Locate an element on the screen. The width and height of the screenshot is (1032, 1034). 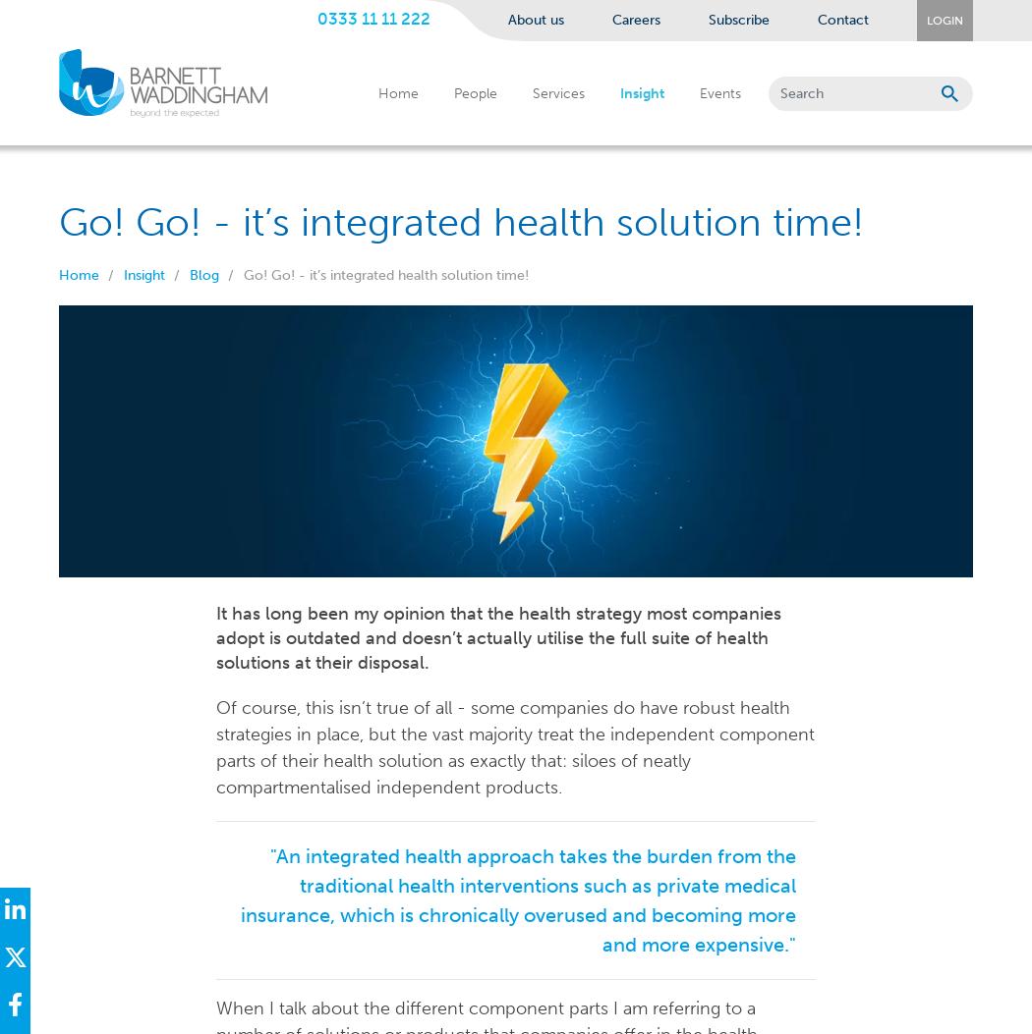
'It has long been my opinion that the health strategy most companies adopt is outdated and doesn’t actually utilise the full suite of health solutions at their disposal.' is located at coordinates (214, 637).